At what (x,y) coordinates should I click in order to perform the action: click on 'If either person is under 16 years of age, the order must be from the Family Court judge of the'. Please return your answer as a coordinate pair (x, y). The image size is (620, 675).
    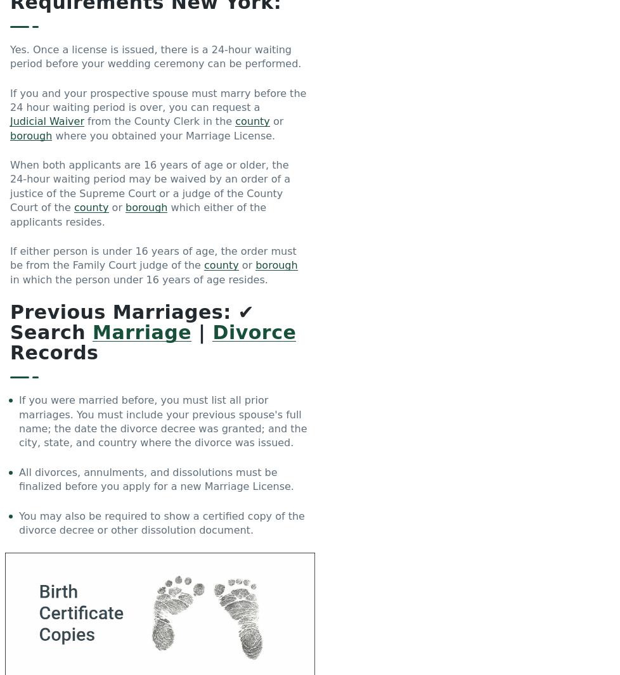
    Looking at the image, I should click on (10, 257).